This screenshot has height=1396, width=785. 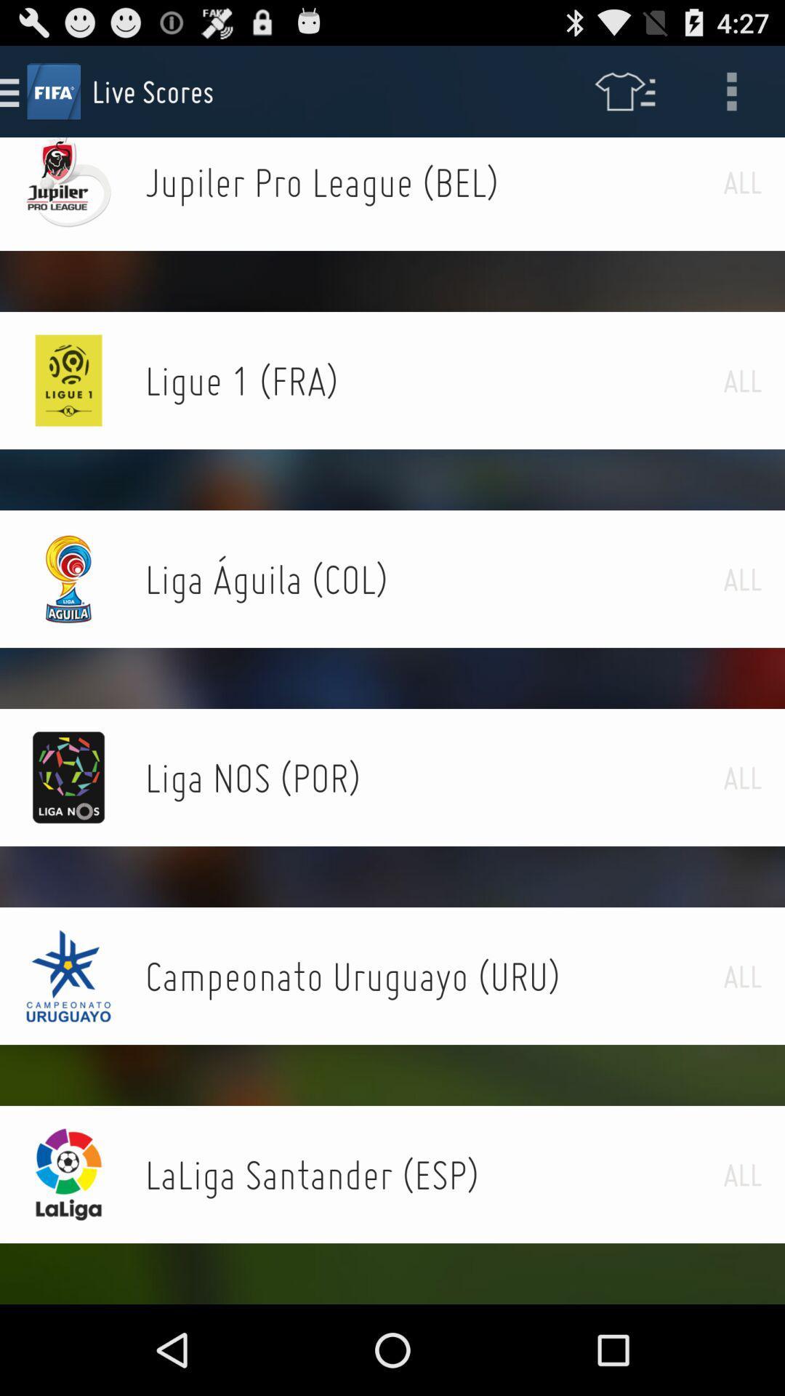 I want to click on the icon to the left of the all, so click(x=433, y=181).